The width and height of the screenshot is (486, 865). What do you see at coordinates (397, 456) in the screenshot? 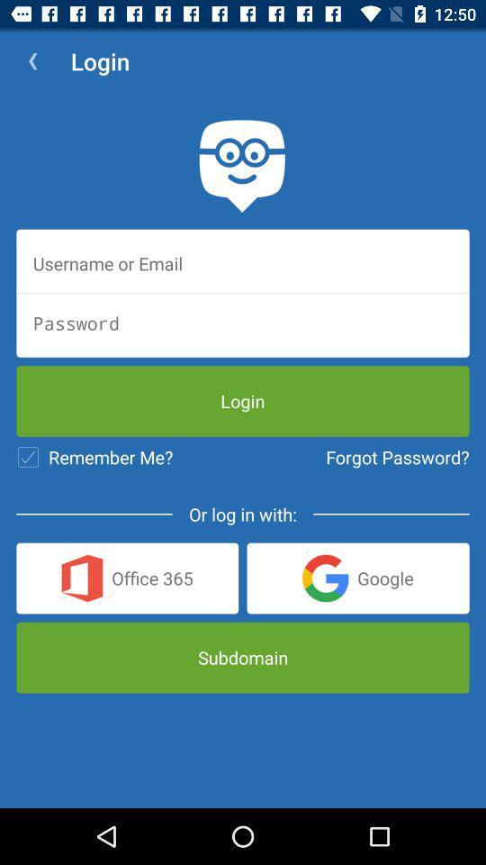
I see `forgot password?` at bounding box center [397, 456].